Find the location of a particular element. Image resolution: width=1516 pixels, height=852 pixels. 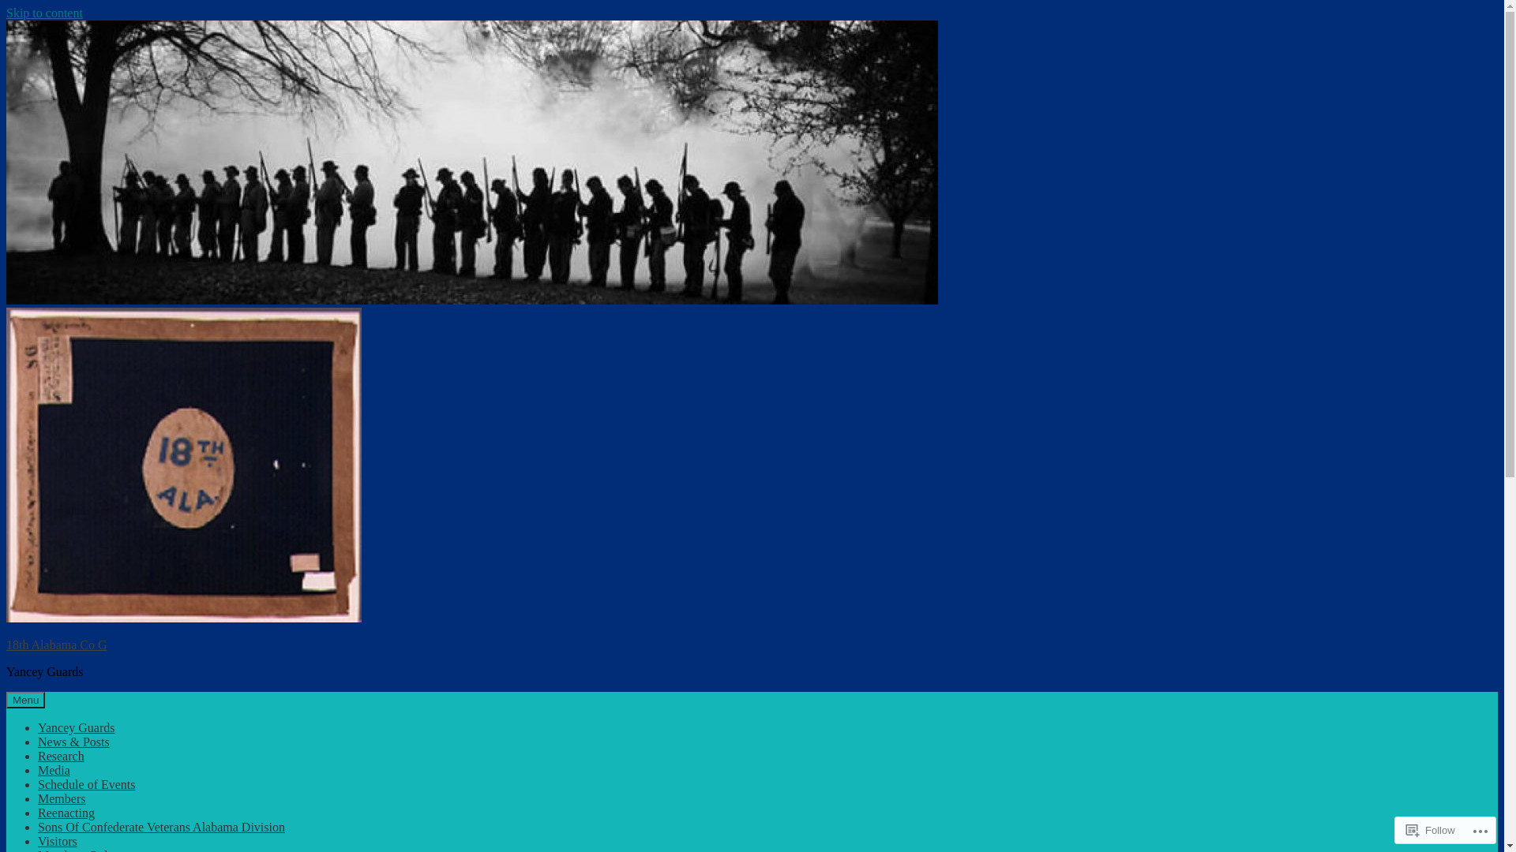

'Yancey Guards' is located at coordinates (75, 727).